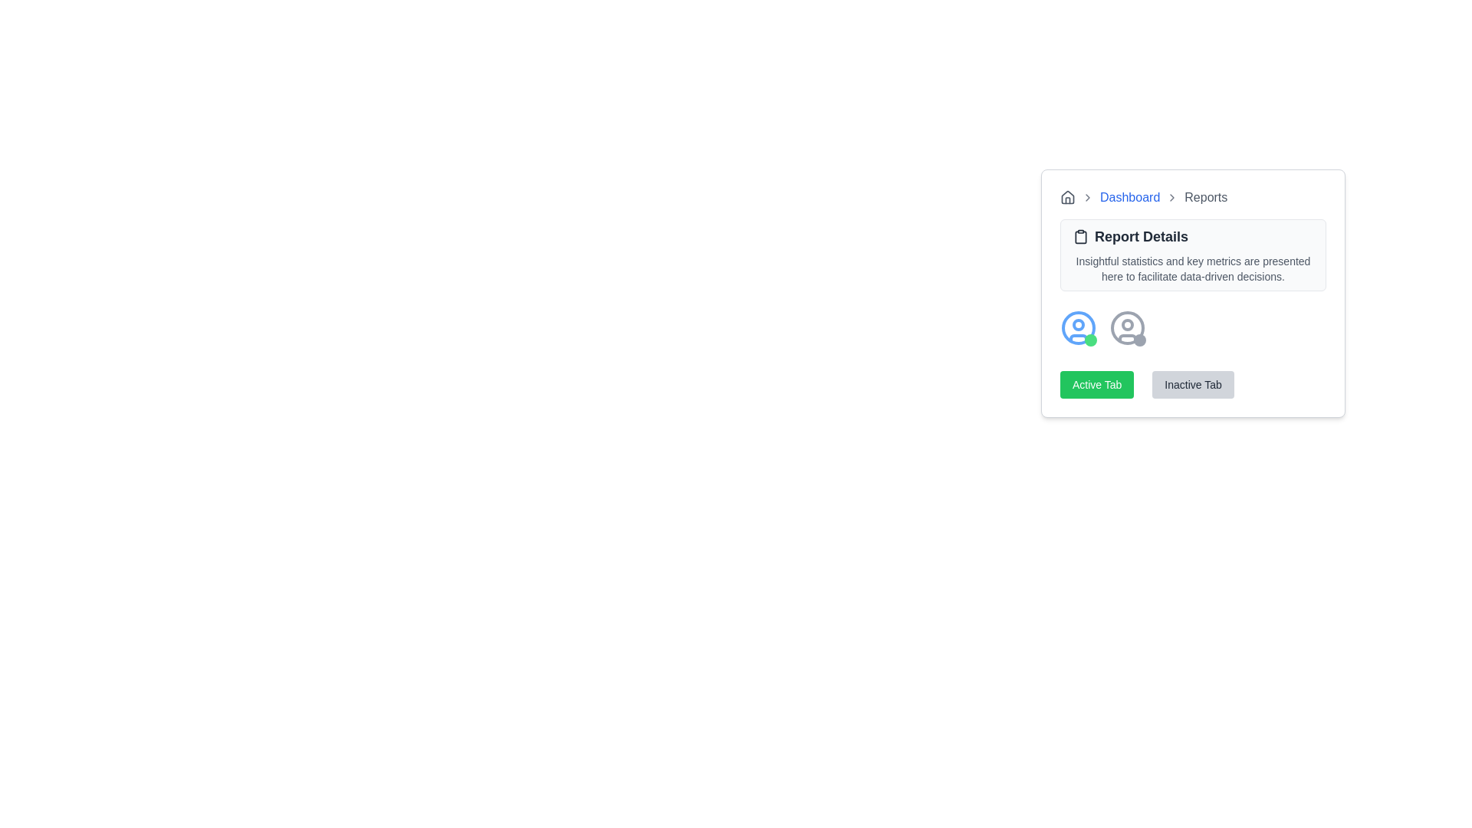  I want to click on the circular user icon with a gray outline located in the second position of the horizontal arrangement under the 'Report Details' card, so click(1127, 327).